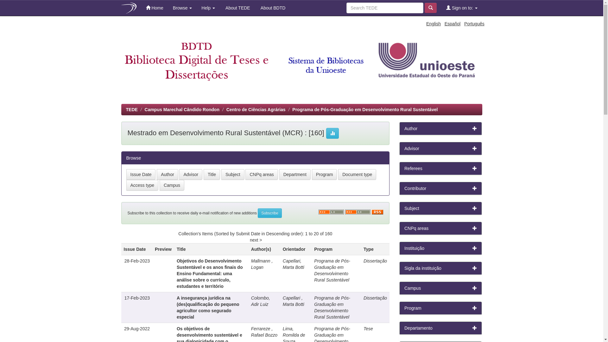 Image resolution: width=608 pixels, height=342 pixels. Describe the element at coordinates (155, 8) in the screenshot. I see `'Home'` at that location.